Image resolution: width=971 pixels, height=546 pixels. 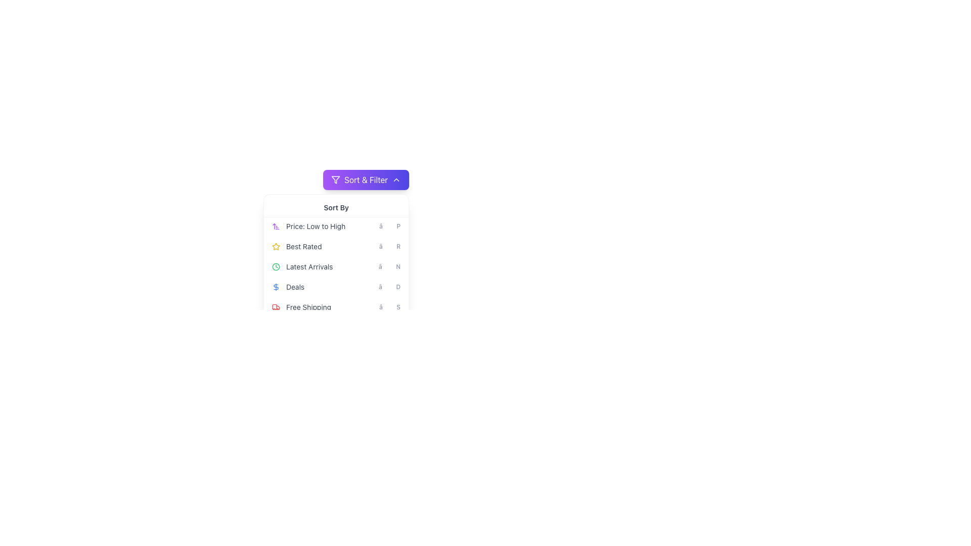 What do you see at coordinates (336, 287) in the screenshot?
I see `the 'Sort By Deals' button, which is the fourth option in the vertical list under the 'Sort By' category, positioned between 'Latest Arrivals' and 'Free Shipping'` at bounding box center [336, 287].